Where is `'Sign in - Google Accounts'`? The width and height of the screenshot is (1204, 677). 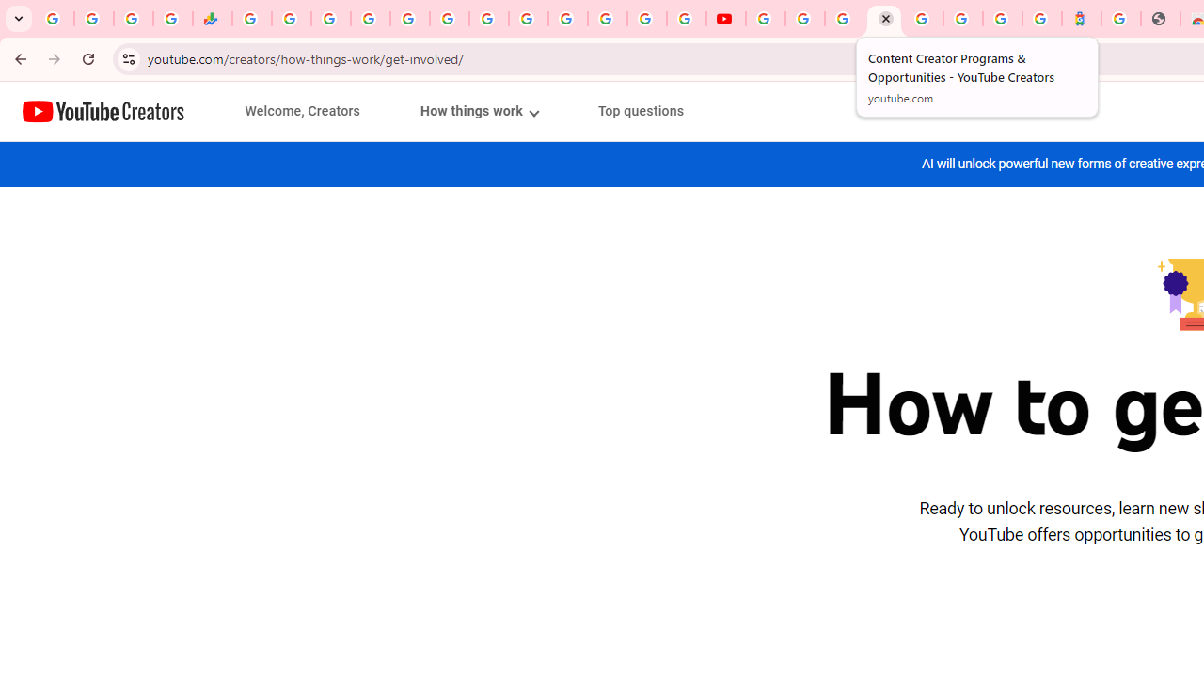 'Sign in - Google Accounts' is located at coordinates (370, 19).